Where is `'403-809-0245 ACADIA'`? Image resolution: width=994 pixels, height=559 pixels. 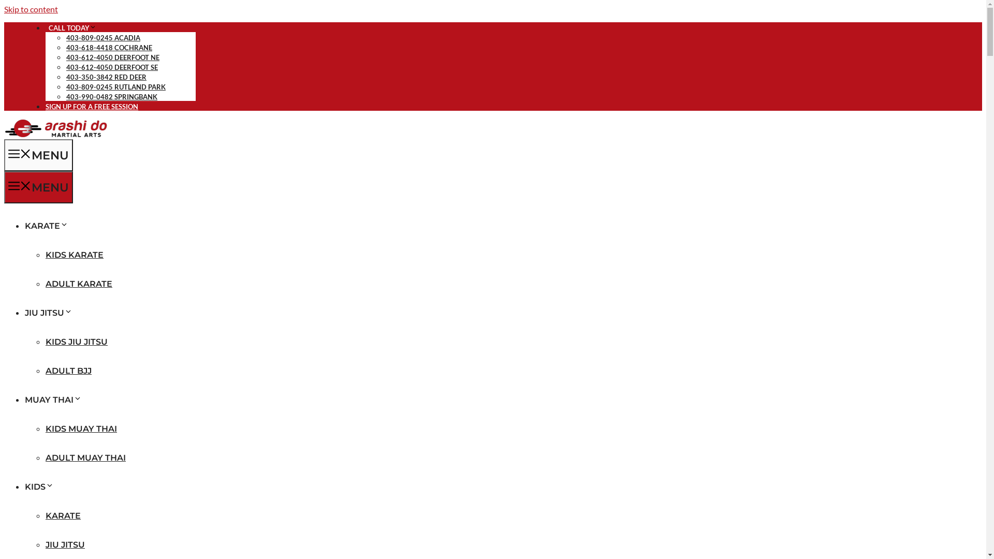
'403-809-0245 ACADIA' is located at coordinates (103, 37).